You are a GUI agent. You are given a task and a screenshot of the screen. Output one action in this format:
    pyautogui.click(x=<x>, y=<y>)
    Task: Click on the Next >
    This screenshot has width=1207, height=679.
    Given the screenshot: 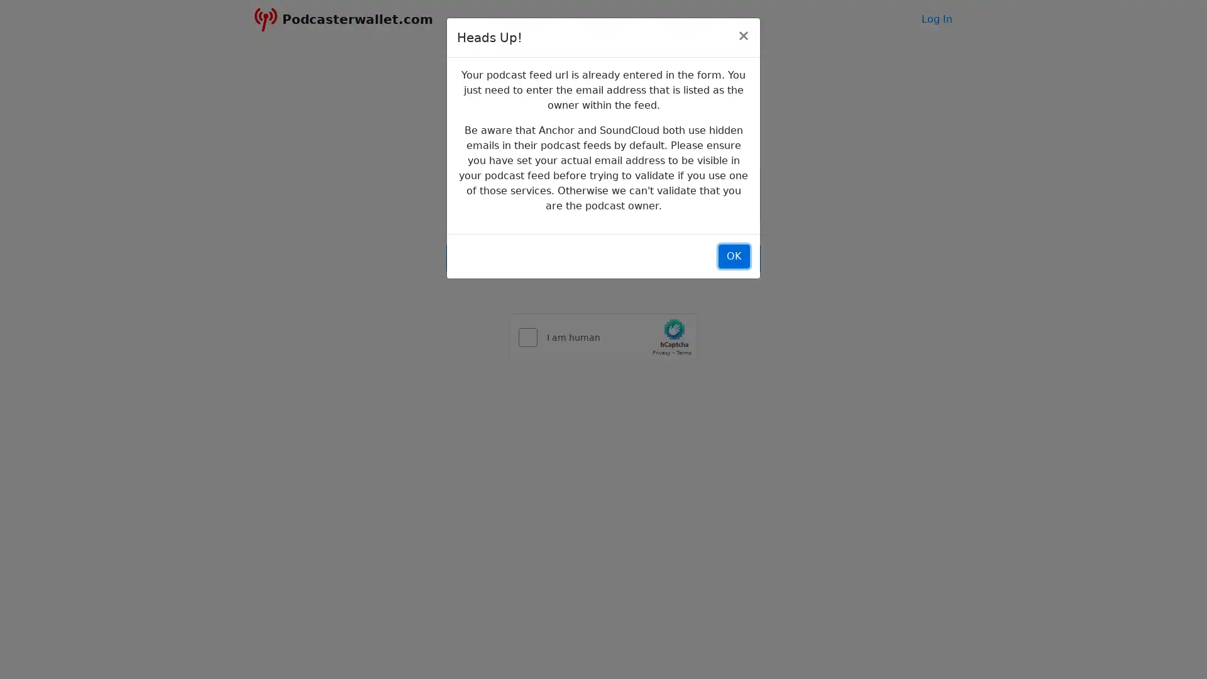 What is the action you would take?
    pyautogui.click(x=603, y=257)
    